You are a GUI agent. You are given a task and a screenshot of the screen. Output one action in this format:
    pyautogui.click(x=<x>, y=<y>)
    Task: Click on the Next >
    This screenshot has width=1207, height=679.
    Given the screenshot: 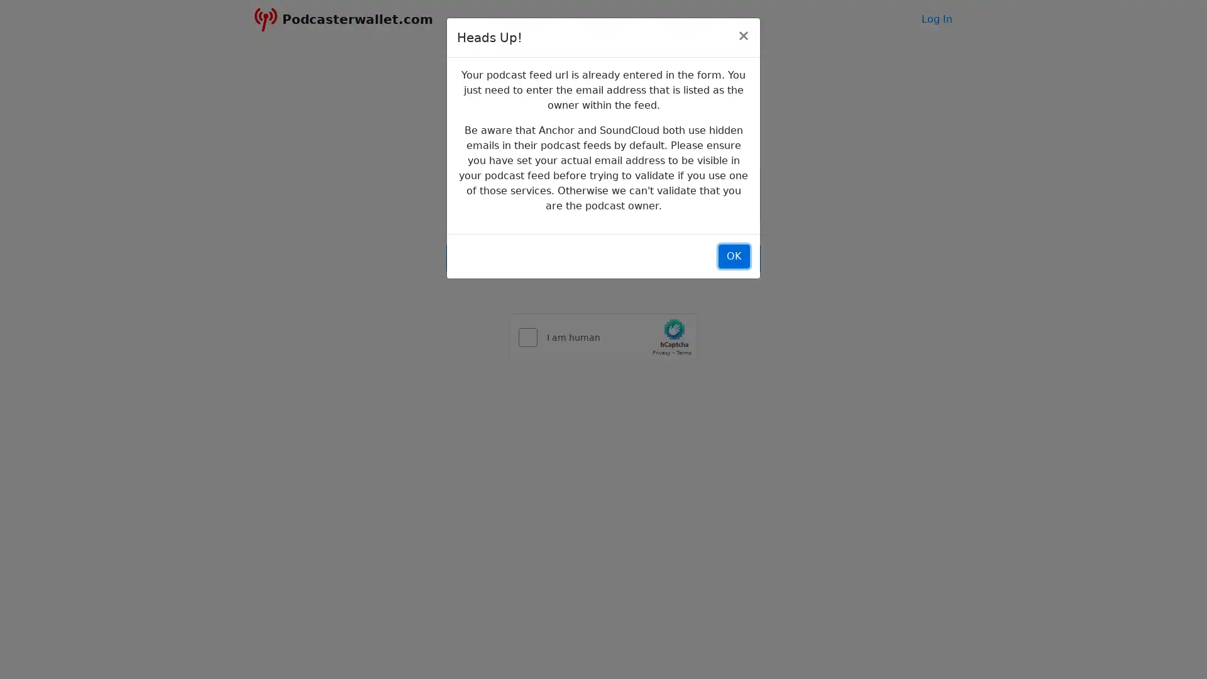 What is the action you would take?
    pyautogui.click(x=603, y=257)
    